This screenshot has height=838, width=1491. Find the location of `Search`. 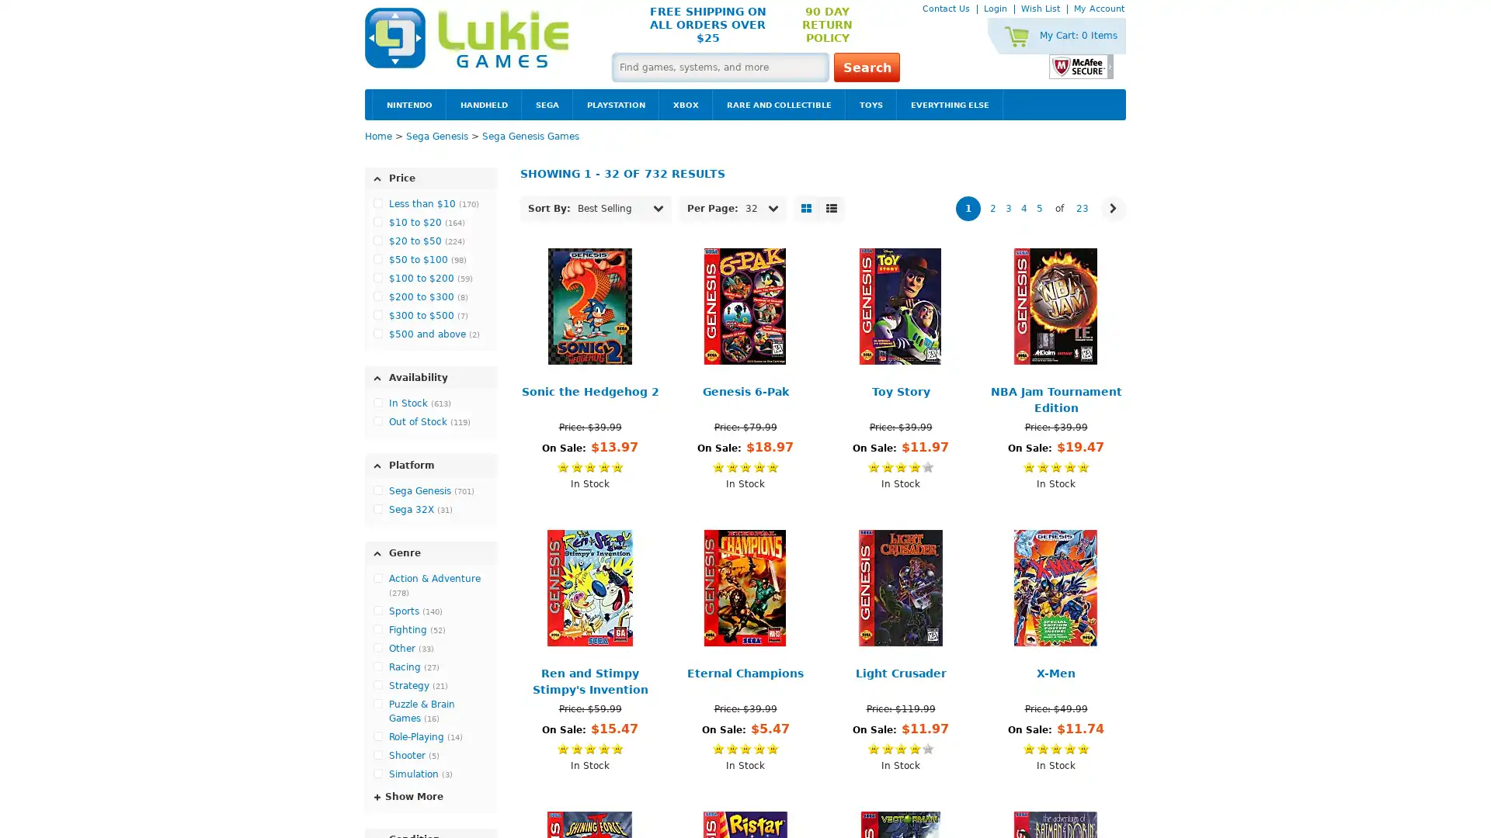

Search is located at coordinates (866, 67).